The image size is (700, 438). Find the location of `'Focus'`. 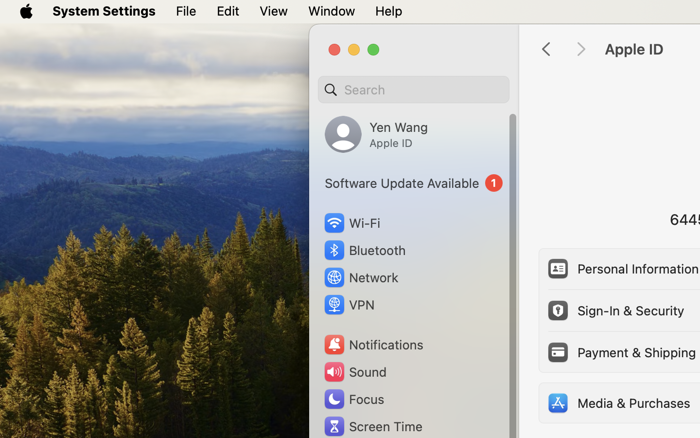

'Focus' is located at coordinates (353, 399).